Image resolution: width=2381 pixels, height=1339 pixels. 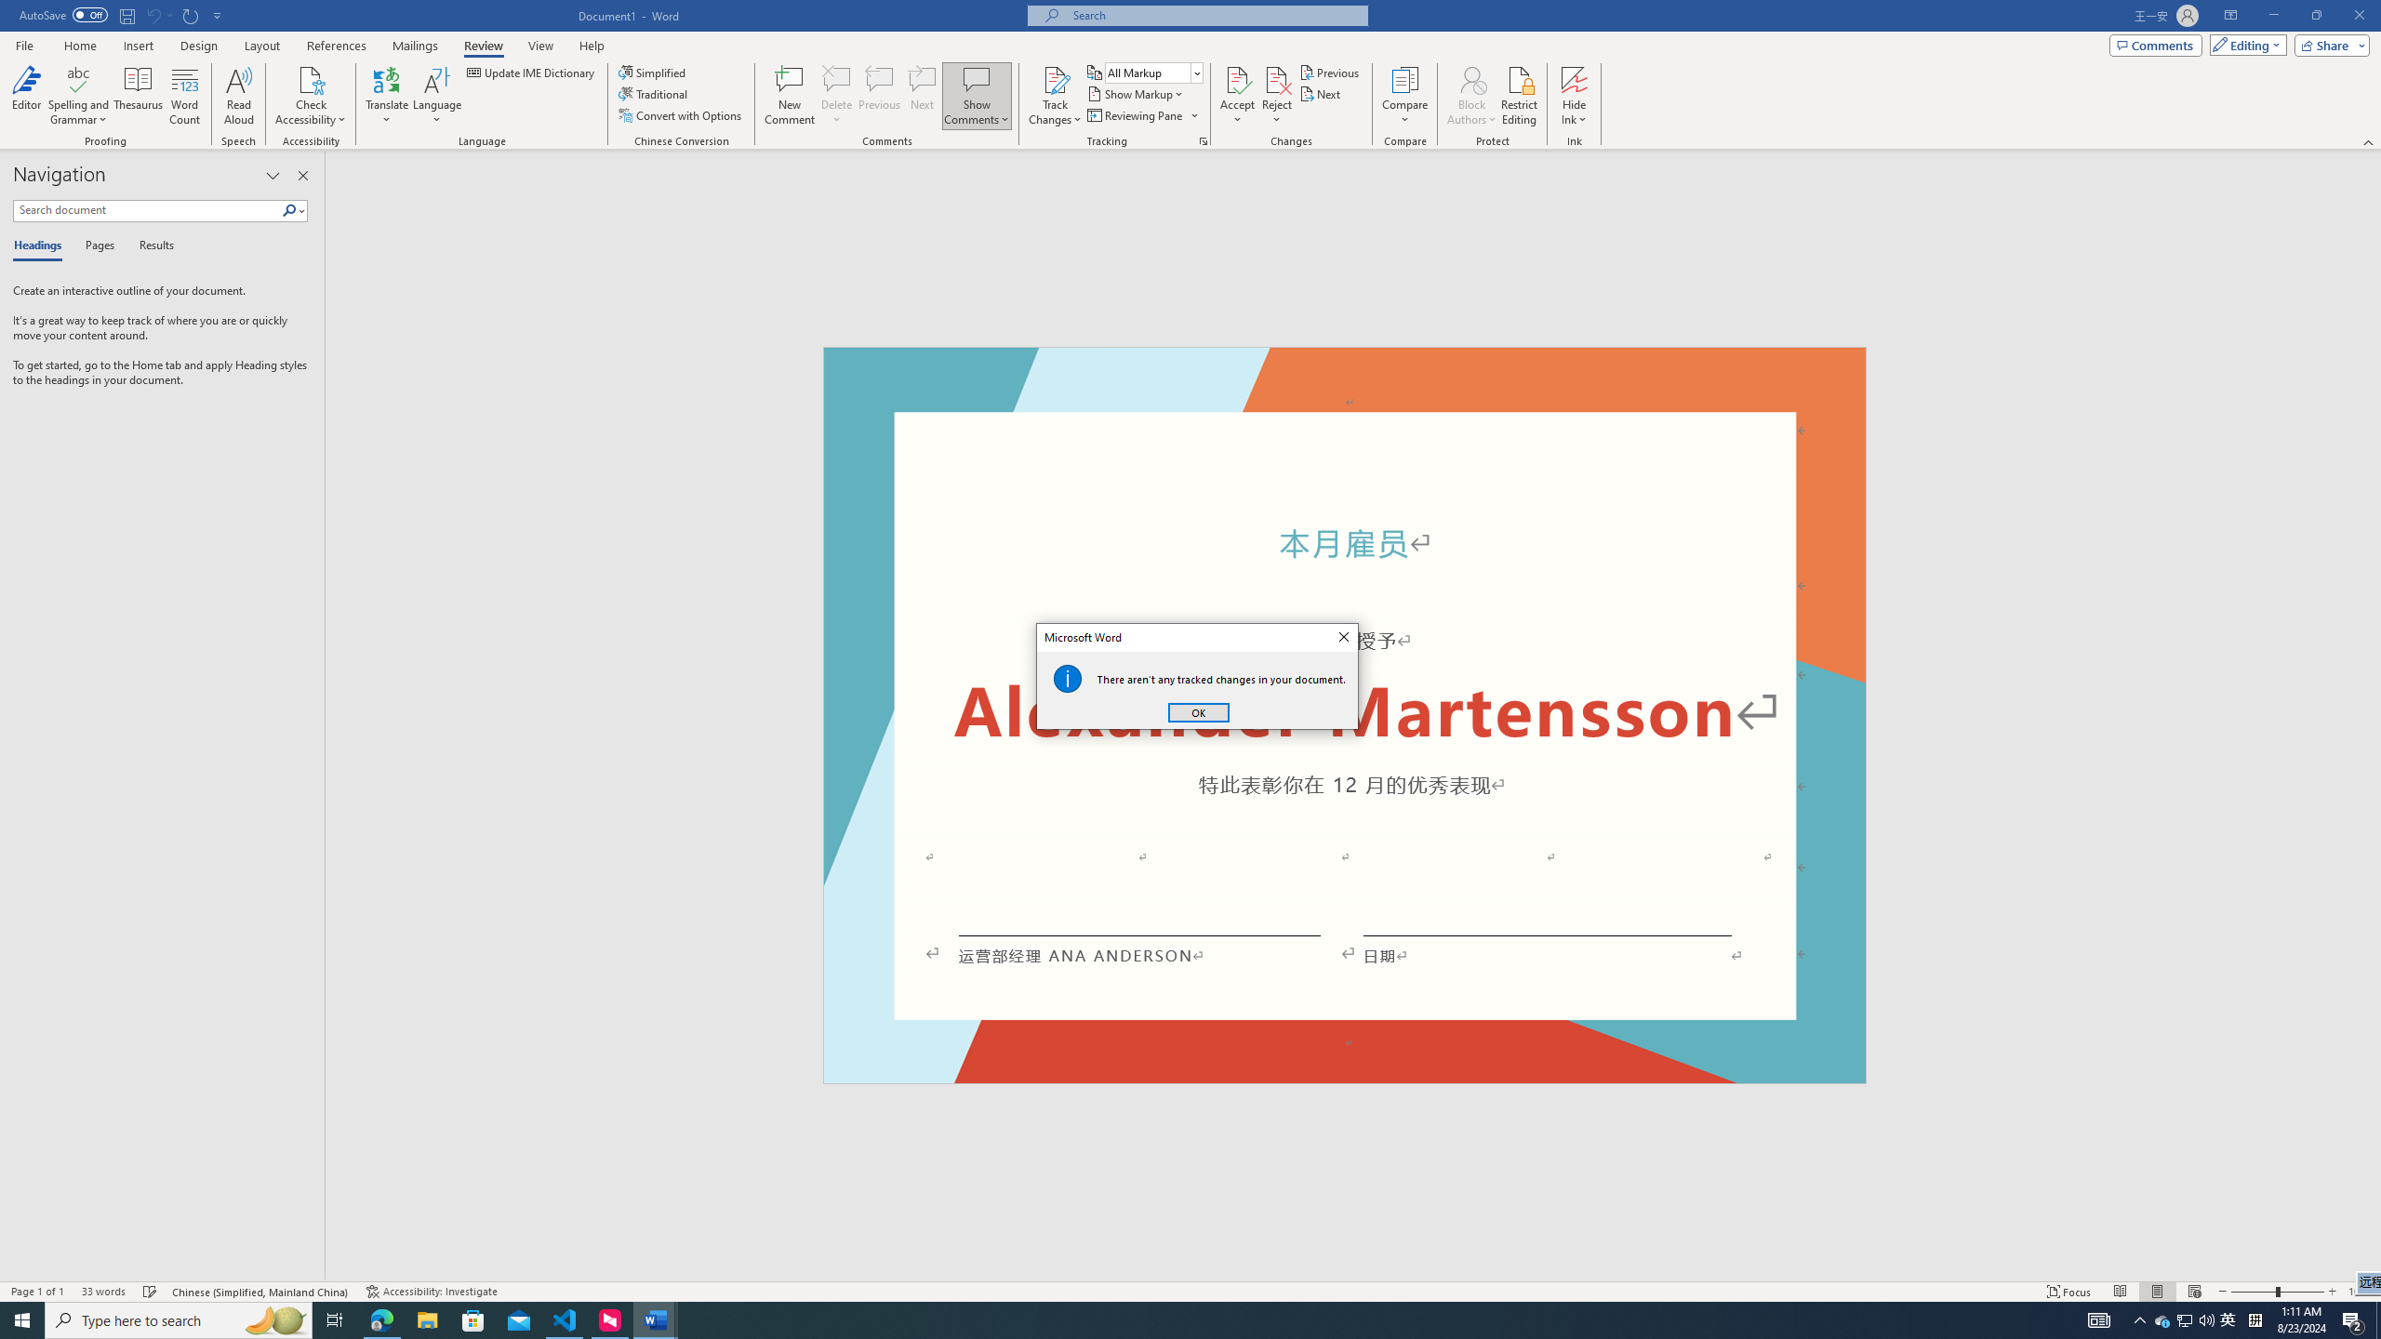 I want to click on 'Search document', so click(x=147, y=209).